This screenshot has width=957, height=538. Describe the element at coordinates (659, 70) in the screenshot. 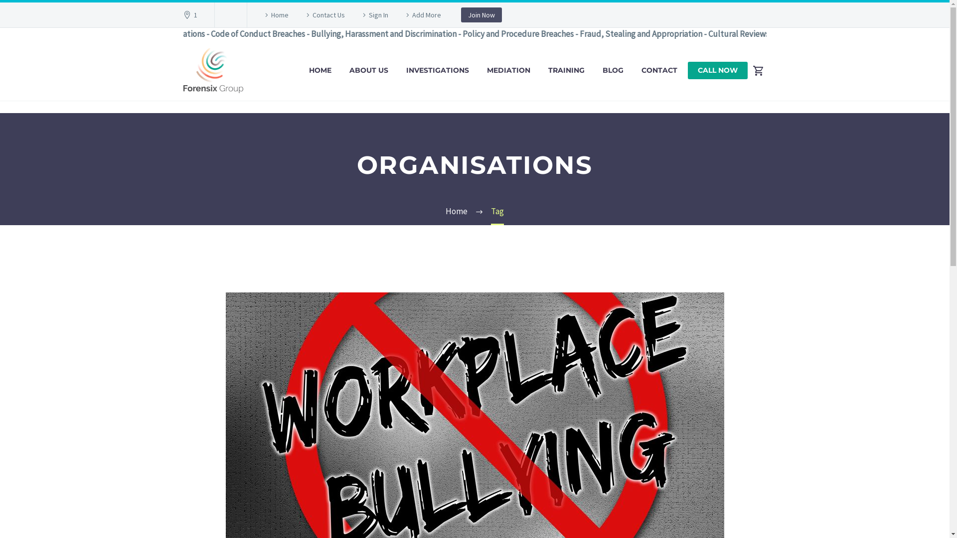

I see `'CONTACT'` at that location.